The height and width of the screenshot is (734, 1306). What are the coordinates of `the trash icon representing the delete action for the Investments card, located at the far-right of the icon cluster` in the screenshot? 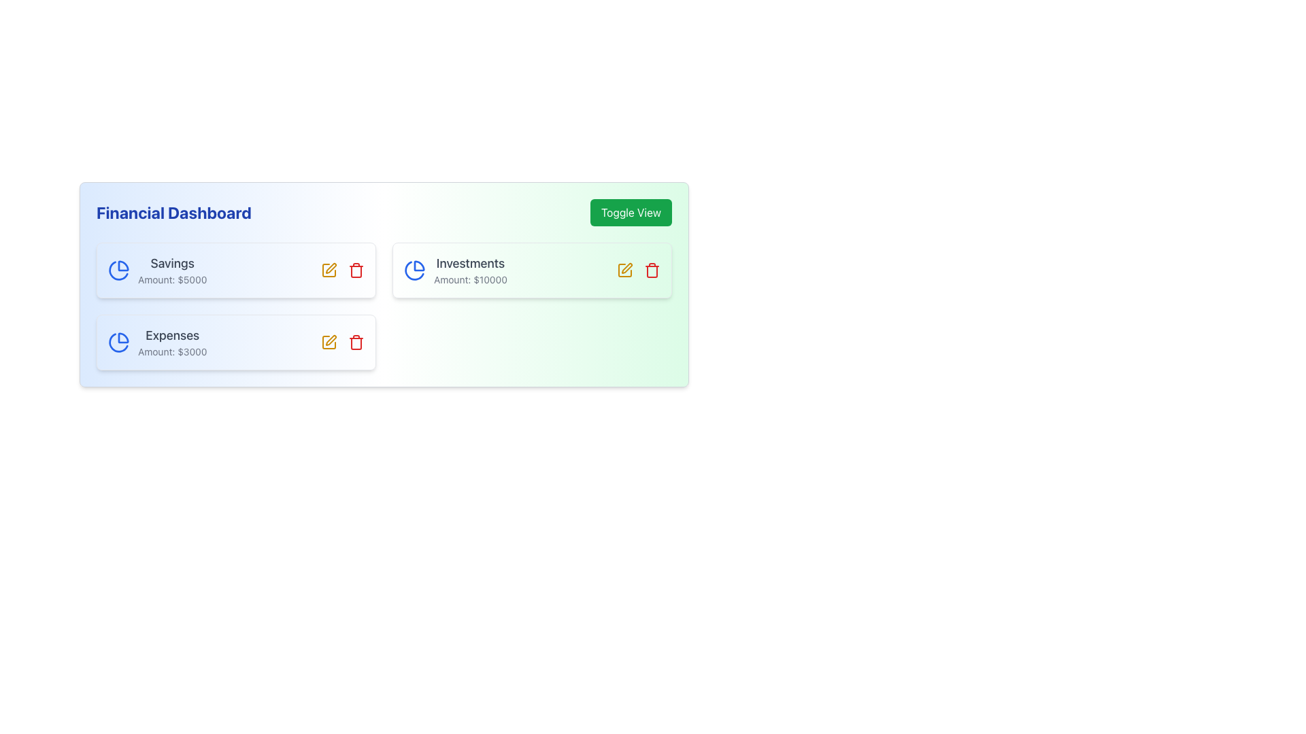 It's located at (652, 272).